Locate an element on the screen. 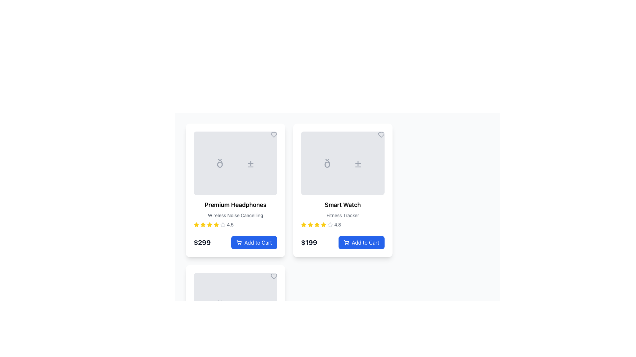  the rating represented by the fourth star icon in the series of five stars for the 'Premium Headphones' product is located at coordinates (203, 224).